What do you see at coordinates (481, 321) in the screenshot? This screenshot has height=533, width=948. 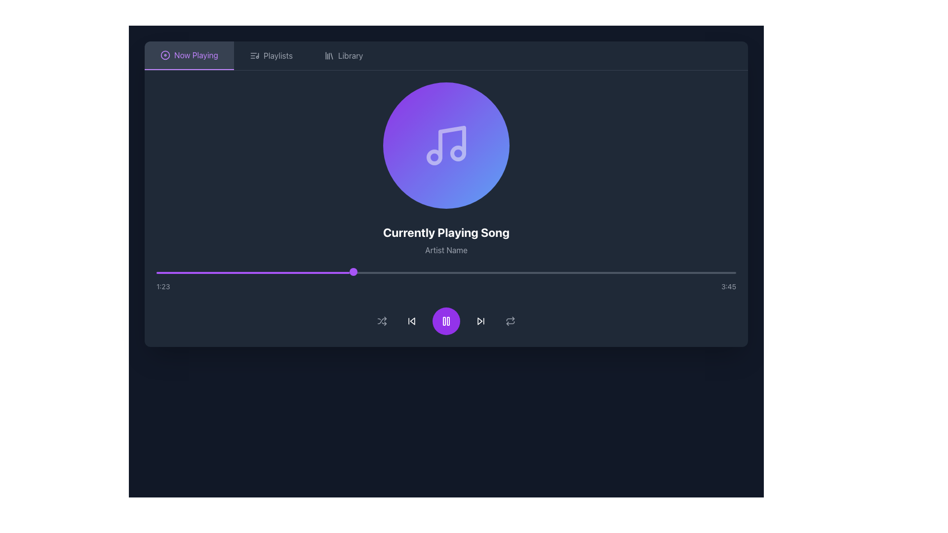 I see `the 'next track' button, which is located to the right of the central play/pause button in the media player control bar` at bounding box center [481, 321].